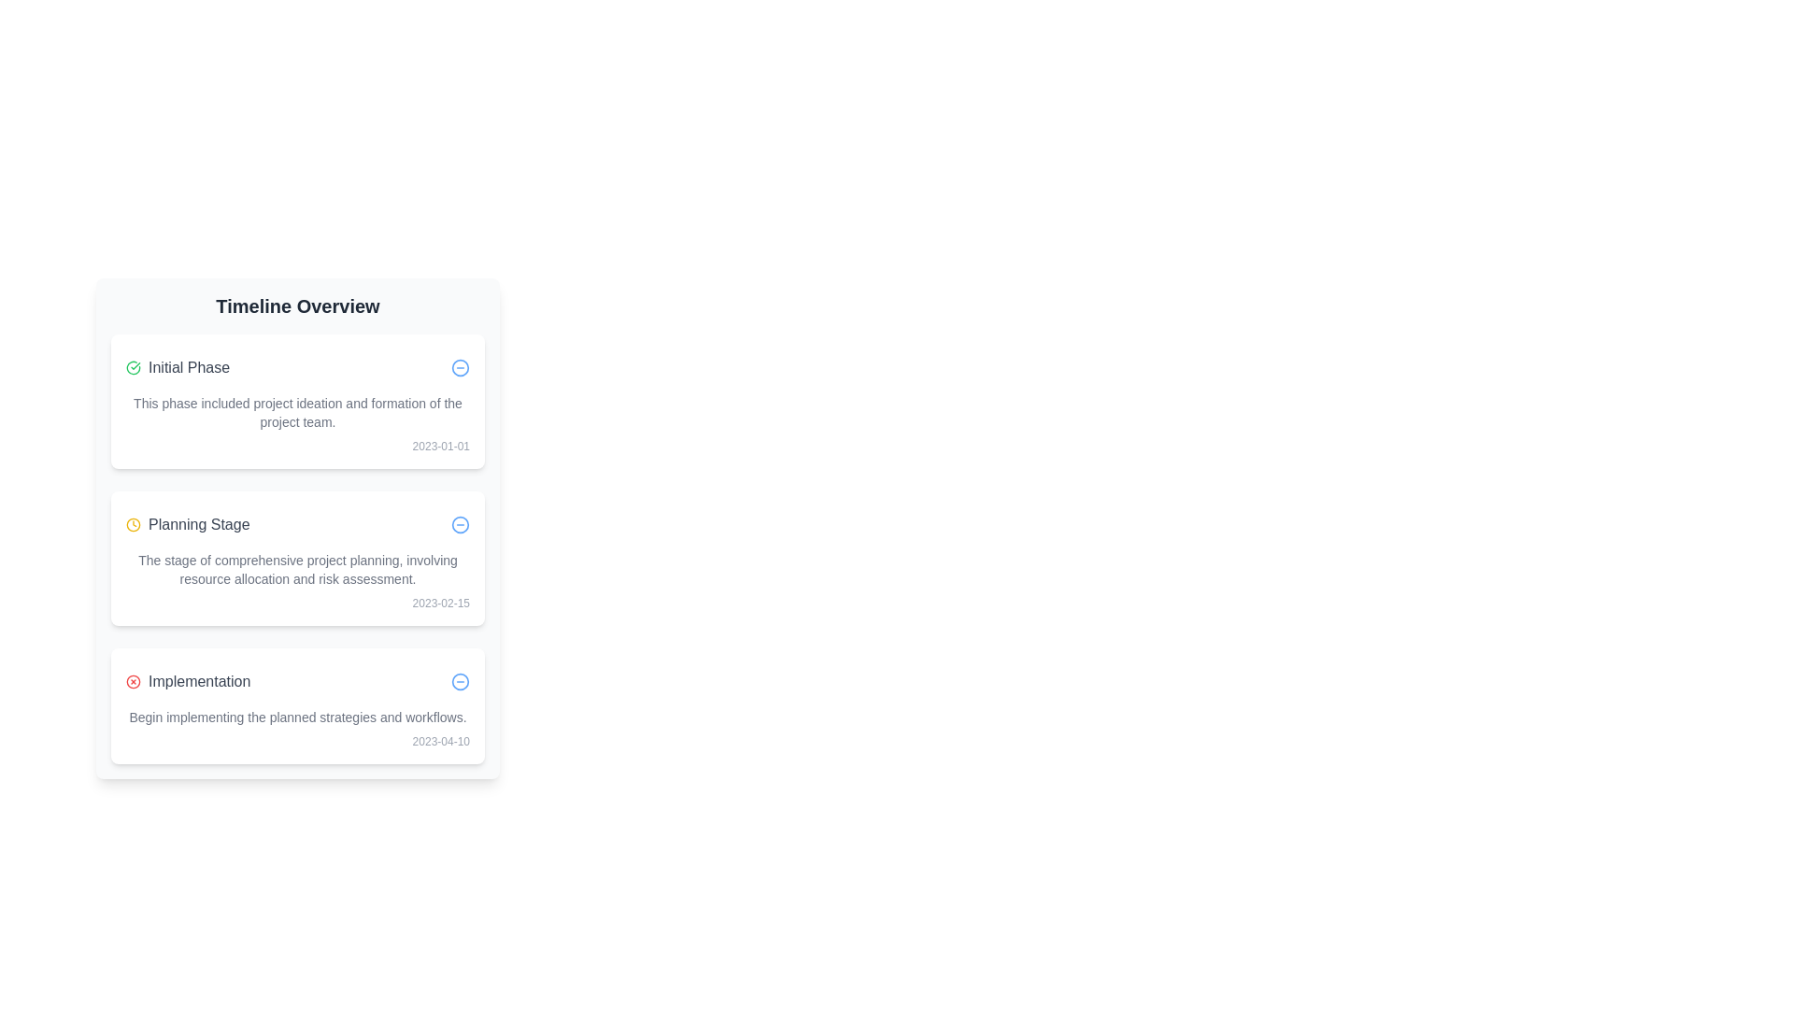  What do you see at coordinates (199, 681) in the screenshot?
I see `the text label displaying 'Implementation' which is styled in a medium-weight gray font and is part of a timeline view, located beneath the 'Planning Stage' heading` at bounding box center [199, 681].